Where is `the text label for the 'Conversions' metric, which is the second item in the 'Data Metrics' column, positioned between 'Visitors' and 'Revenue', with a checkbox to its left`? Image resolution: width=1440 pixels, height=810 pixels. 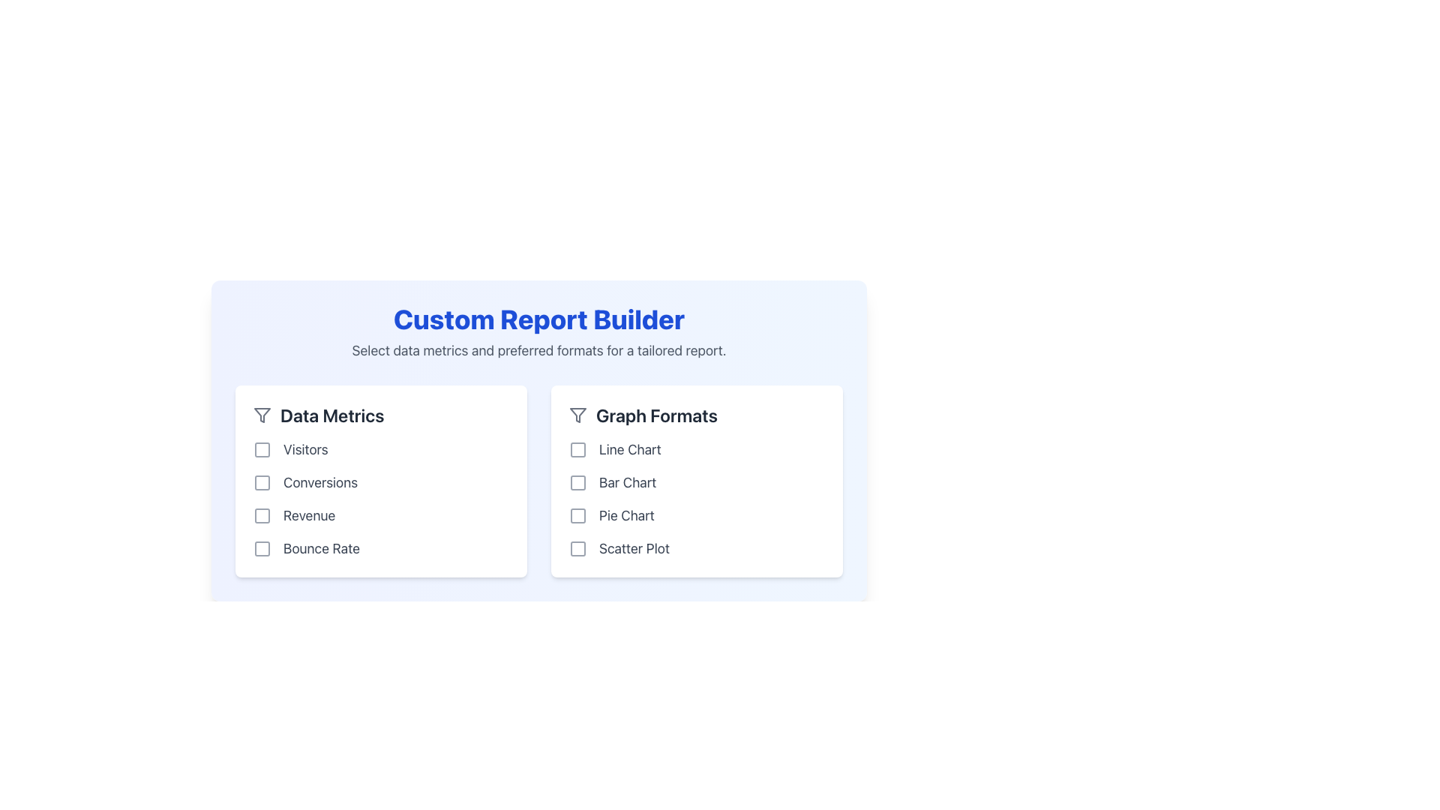 the text label for the 'Conversions' metric, which is the second item in the 'Data Metrics' column, positioned between 'Visitors' and 'Revenue', with a checkbox to its left is located at coordinates (319, 483).